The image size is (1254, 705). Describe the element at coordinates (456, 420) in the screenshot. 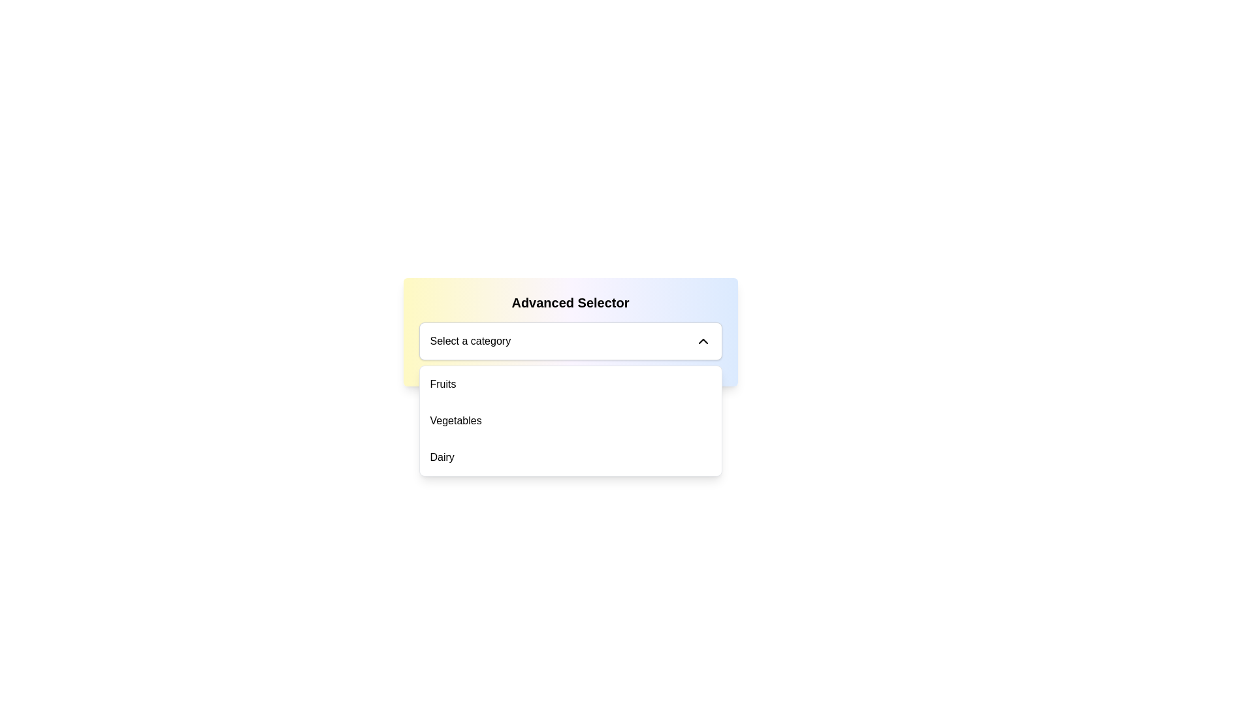

I see `the 'Vegetables' text label in bold, black font, which is the second option in the dropdown menu under 'Advanced Selector'` at that location.